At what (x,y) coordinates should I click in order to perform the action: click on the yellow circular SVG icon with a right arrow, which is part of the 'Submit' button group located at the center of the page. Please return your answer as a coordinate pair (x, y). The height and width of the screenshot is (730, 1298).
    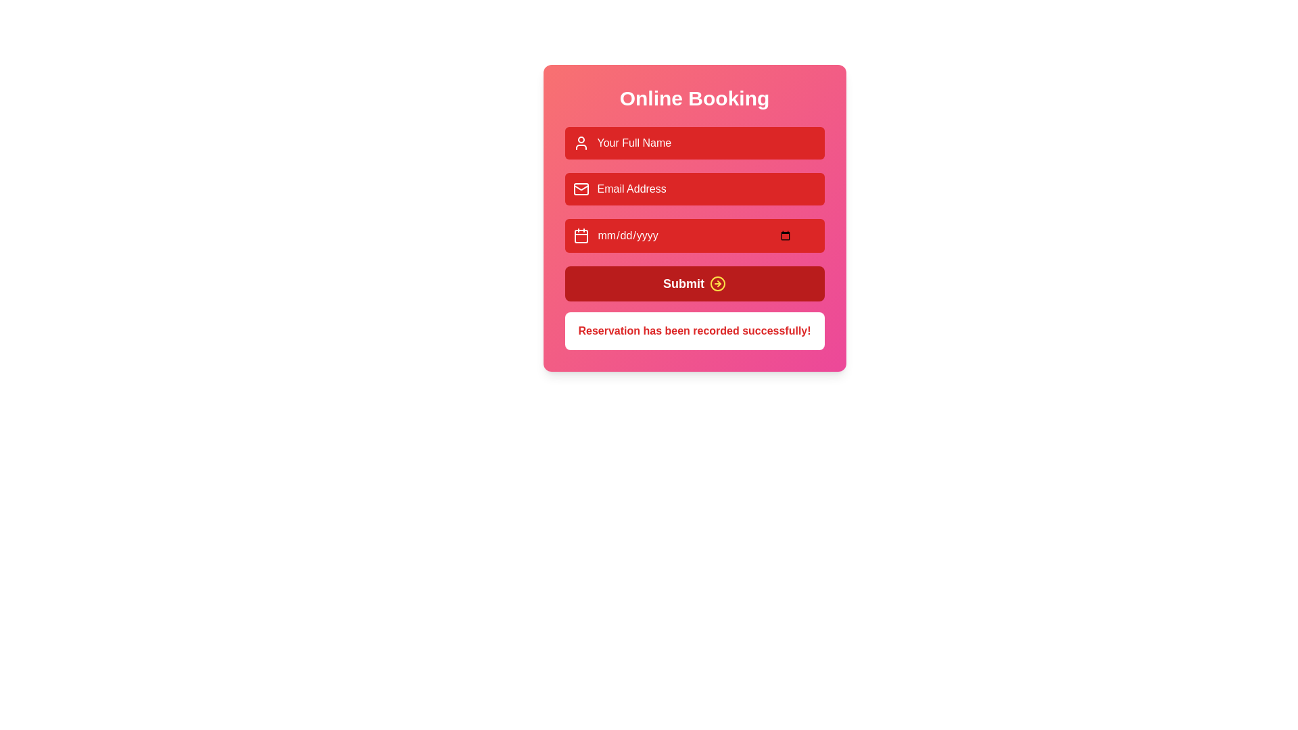
    Looking at the image, I should click on (717, 283).